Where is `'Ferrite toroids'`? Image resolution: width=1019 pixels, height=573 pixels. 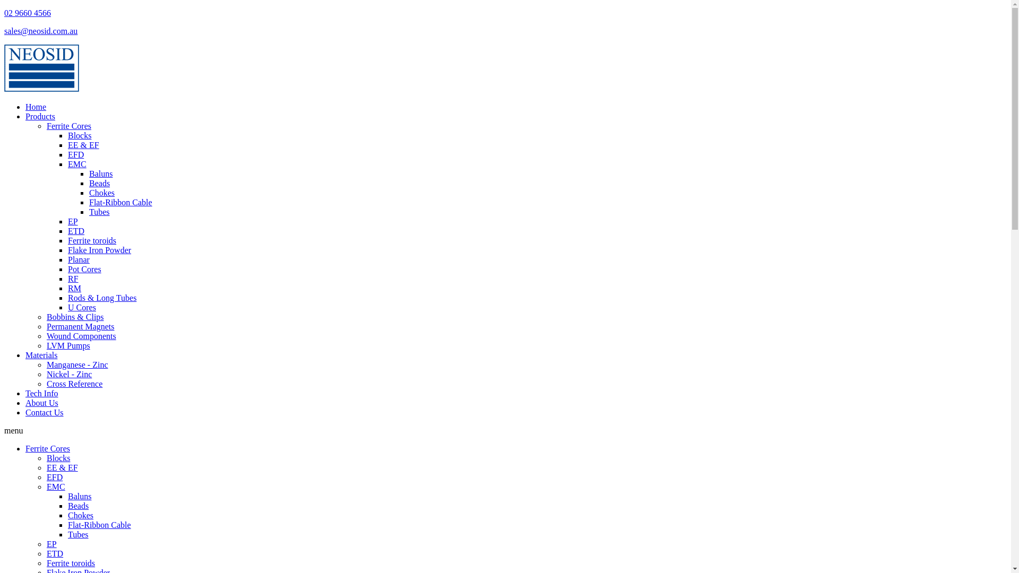 'Ferrite toroids' is located at coordinates (92, 240).